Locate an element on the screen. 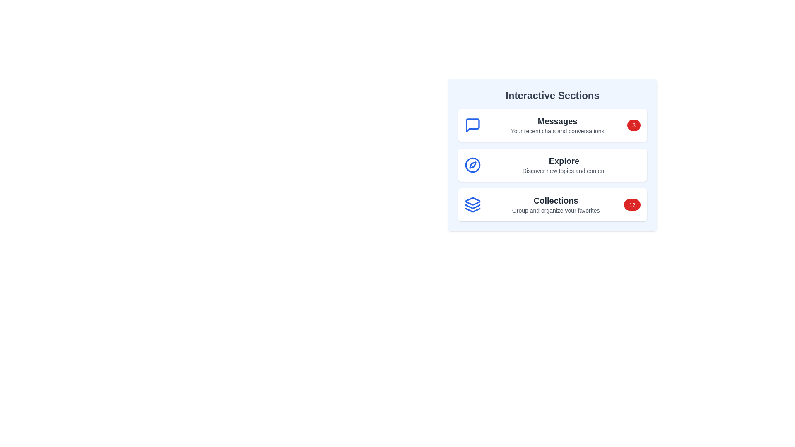 The image size is (795, 447). the section titled Explore is located at coordinates (552, 165).